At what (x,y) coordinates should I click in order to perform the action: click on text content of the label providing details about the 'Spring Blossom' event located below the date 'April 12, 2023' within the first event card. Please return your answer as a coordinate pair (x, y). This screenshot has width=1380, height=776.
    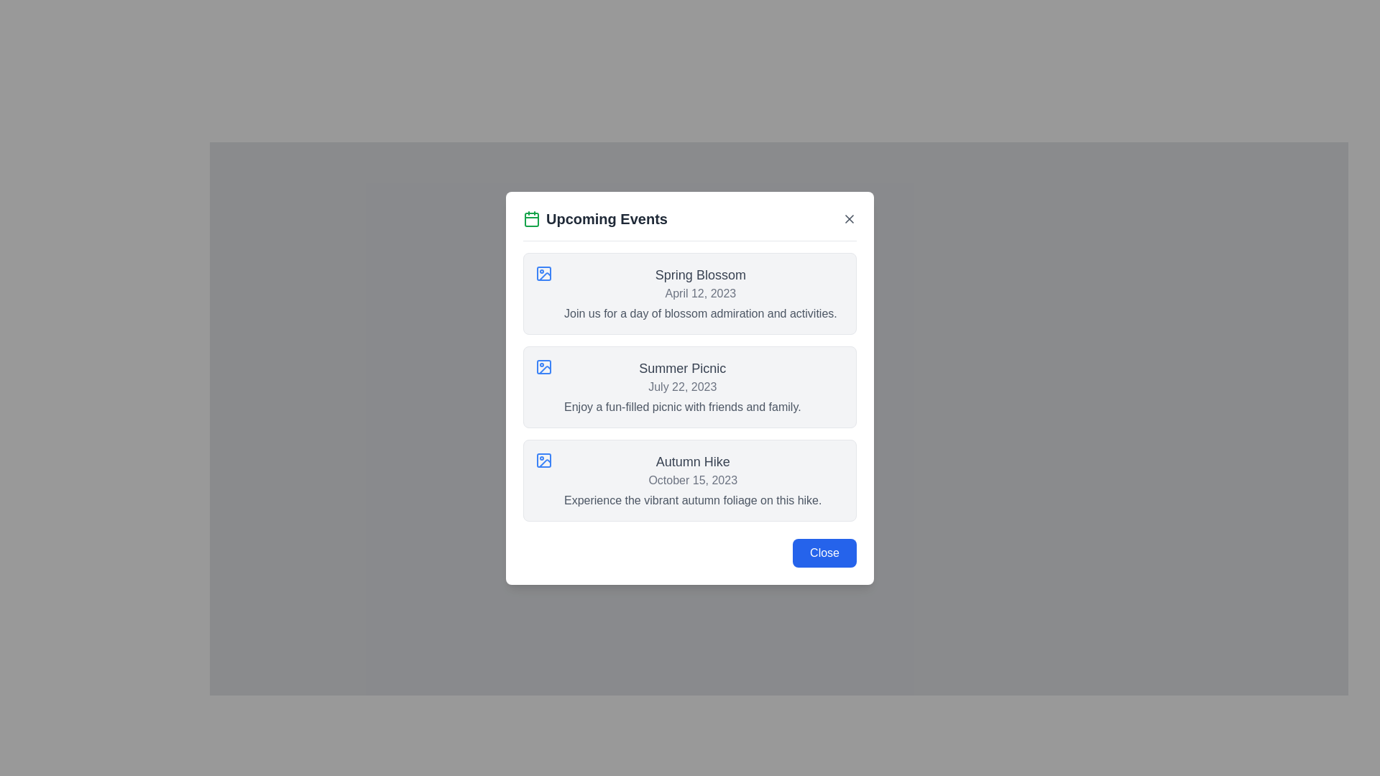
    Looking at the image, I should click on (700, 313).